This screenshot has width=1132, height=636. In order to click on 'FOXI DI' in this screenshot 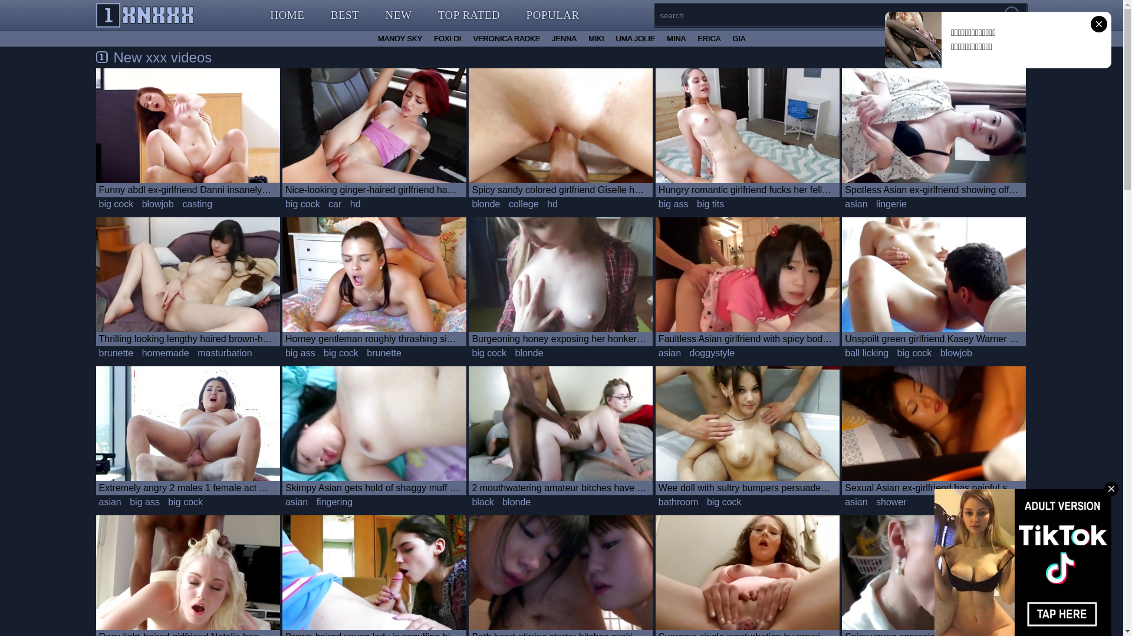, I will do `click(446, 38)`.